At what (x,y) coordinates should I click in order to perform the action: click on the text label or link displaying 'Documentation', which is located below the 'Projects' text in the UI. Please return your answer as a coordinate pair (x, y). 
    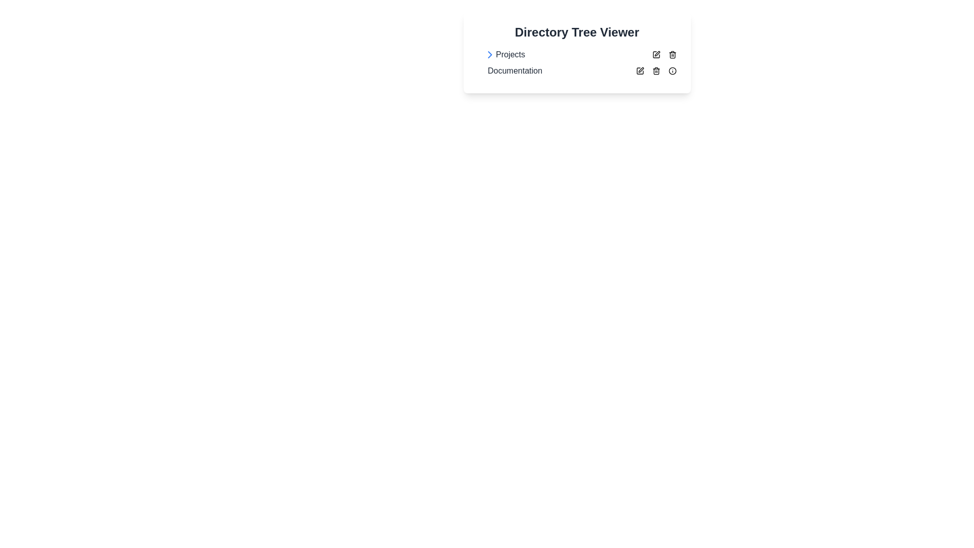
    Looking at the image, I should click on (515, 70).